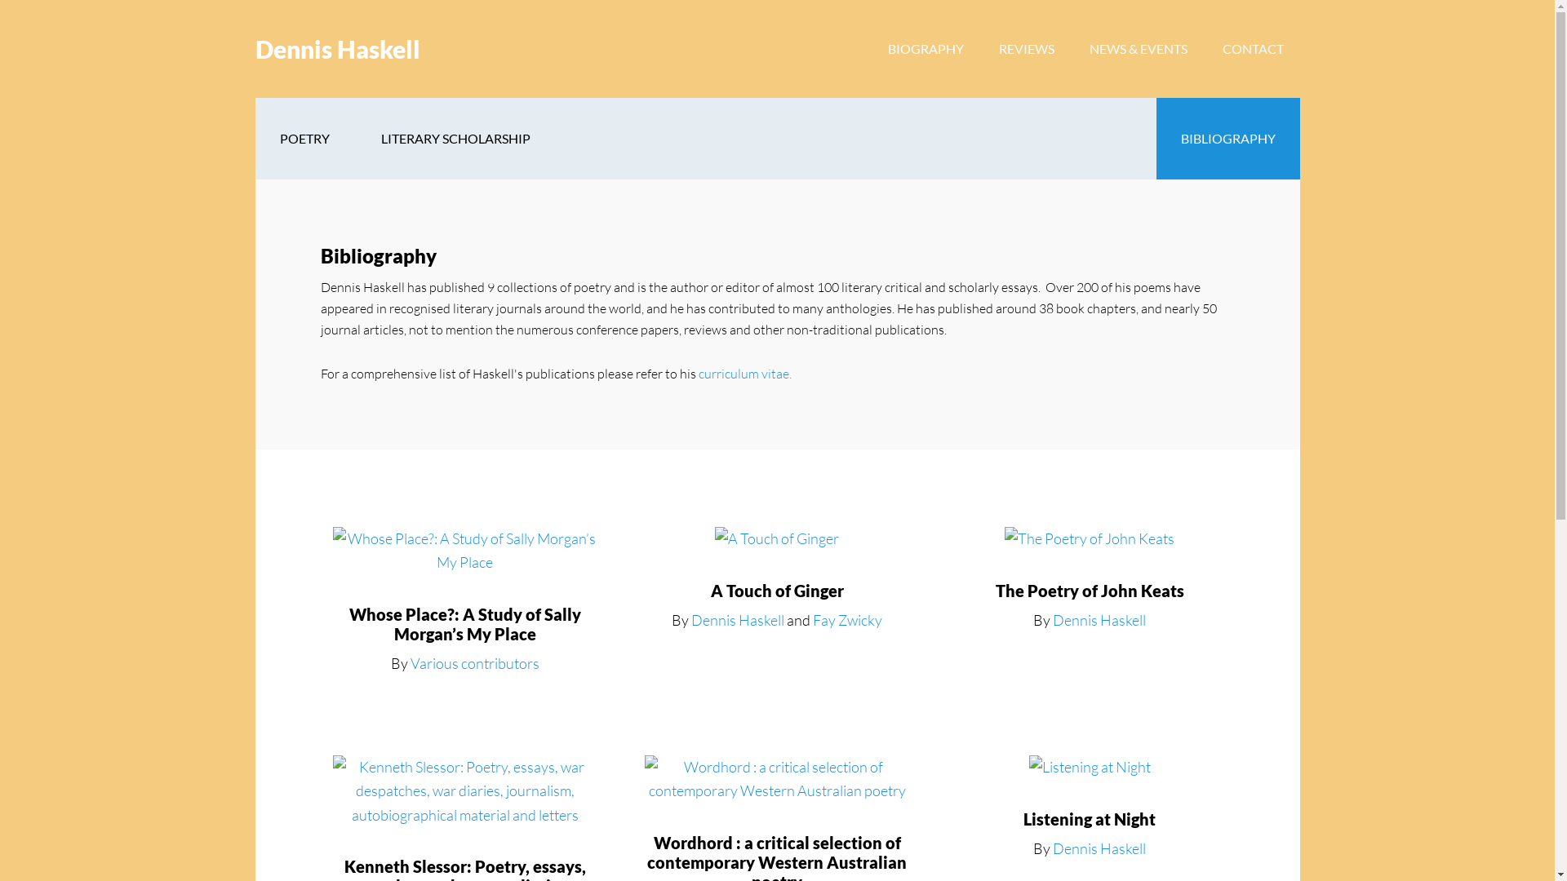 The width and height of the screenshot is (1567, 881). I want to click on 'Various contributors', so click(473, 663).